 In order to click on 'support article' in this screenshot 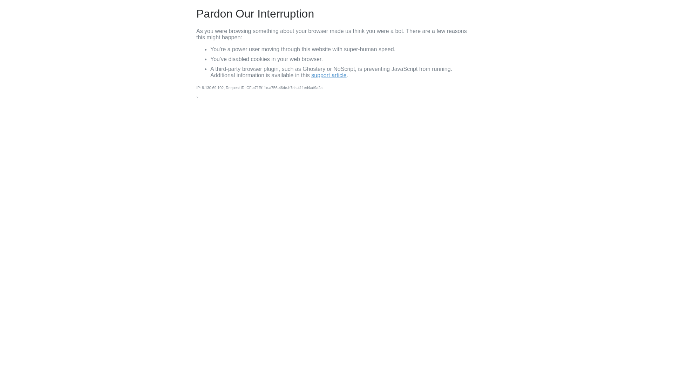, I will do `click(328, 75)`.